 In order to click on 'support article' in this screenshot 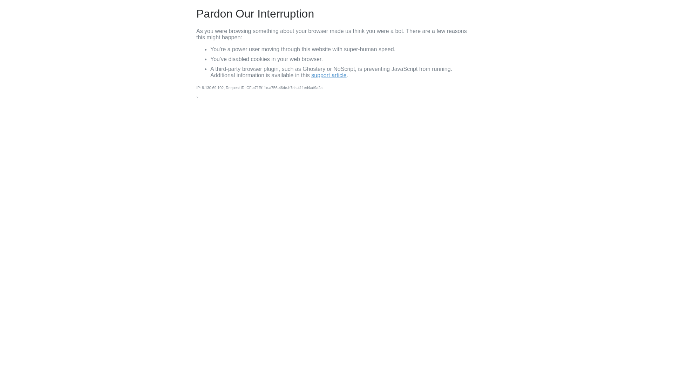, I will do `click(328, 75)`.